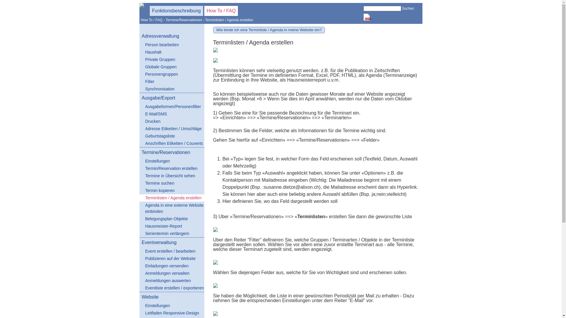 The width and height of the screenshot is (566, 318). I want to click on 'Person bearbeiten', so click(171, 44).